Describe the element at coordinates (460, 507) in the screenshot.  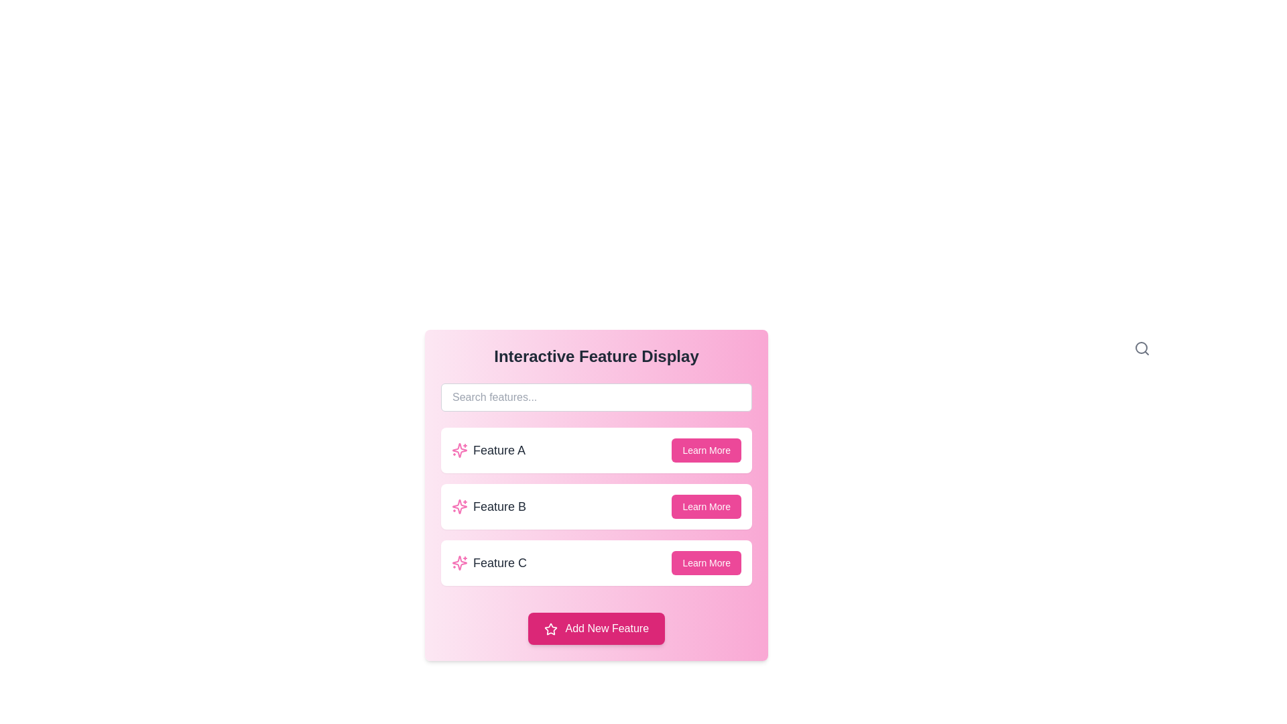
I see `the Icon representing 'Feature B' located inside the card labeled 'Feature B', specifically at the left side adjacent to the text label` at that location.